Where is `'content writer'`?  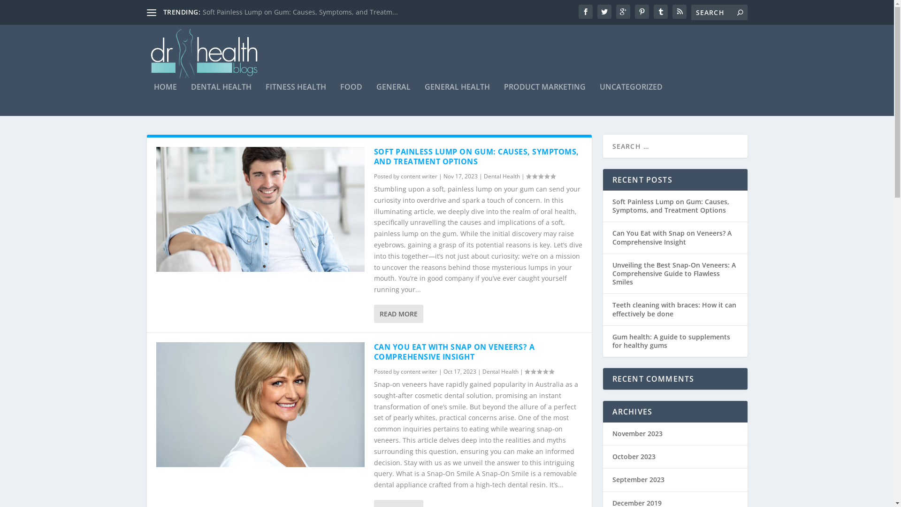 'content writer' is located at coordinates (401, 371).